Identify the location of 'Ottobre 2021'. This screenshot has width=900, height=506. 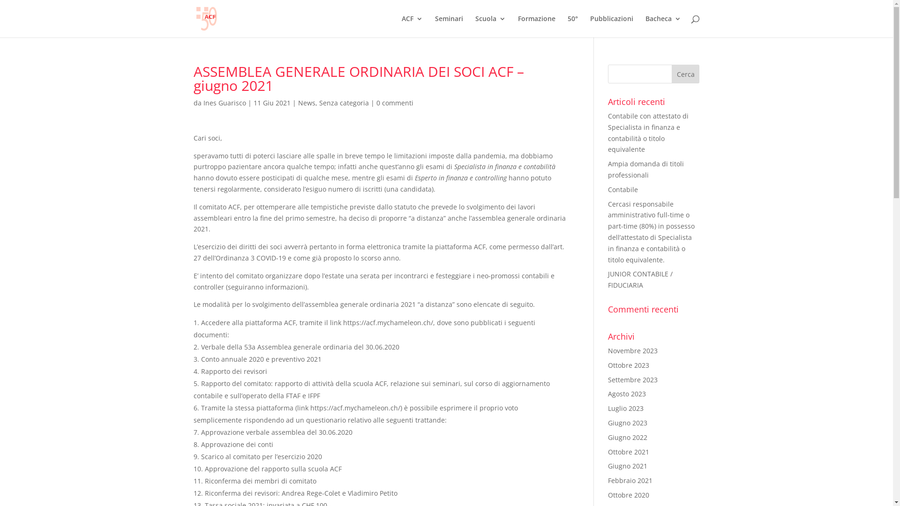
(628, 451).